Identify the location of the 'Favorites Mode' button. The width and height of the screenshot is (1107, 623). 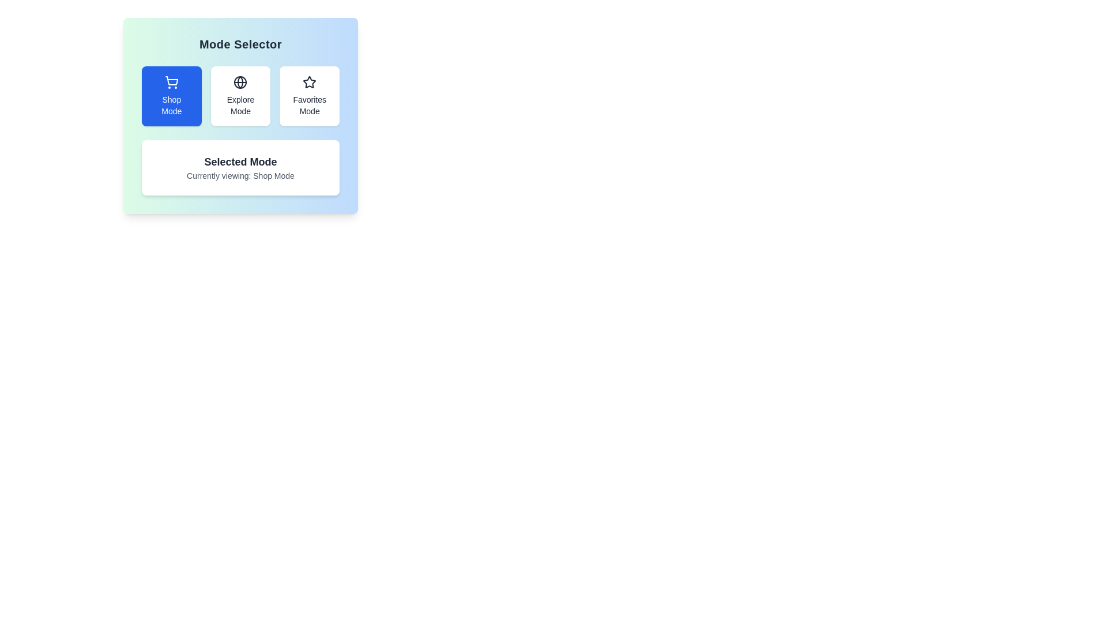
(310, 95).